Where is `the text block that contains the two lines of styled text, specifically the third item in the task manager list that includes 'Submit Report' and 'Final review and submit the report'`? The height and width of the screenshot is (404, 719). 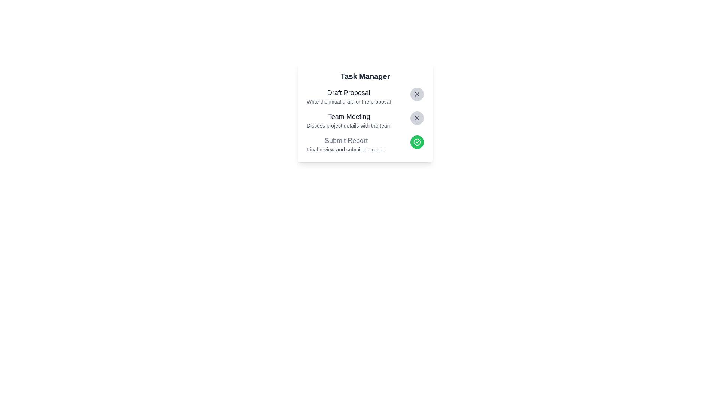
the text block that contains the two lines of styled text, specifically the third item in the task manager list that includes 'Submit Report' and 'Final review and submit the report' is located at coordinates (346, 144).